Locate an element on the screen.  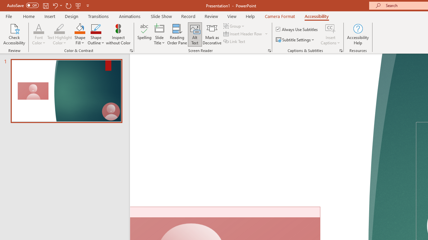
'Screen Reader' is located at coordinates (269, 50).